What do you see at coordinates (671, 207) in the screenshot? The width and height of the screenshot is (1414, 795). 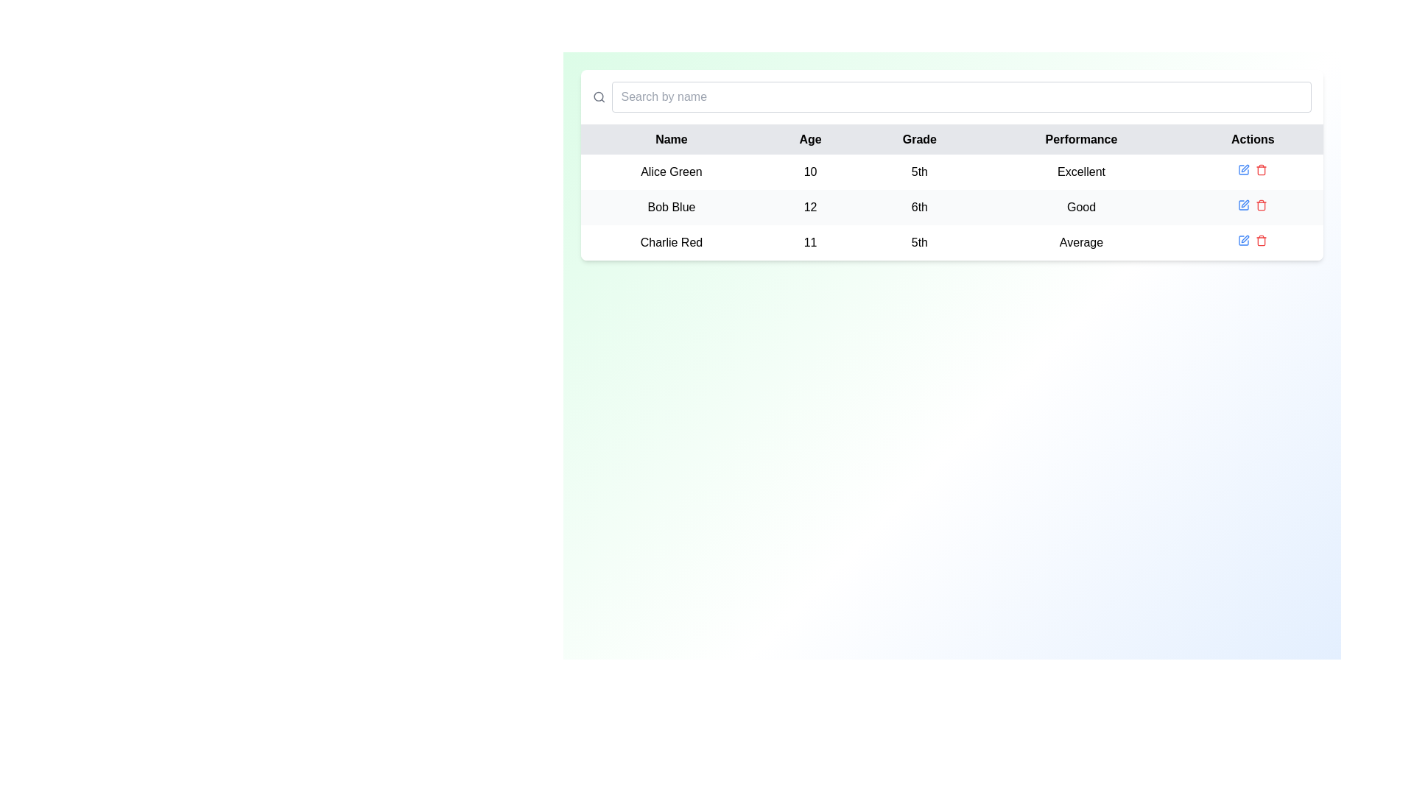 I see `text content of the Text field displaying 'Bob Blue' located in the first cell of the second row of the table` at bounding box center [671, 207].